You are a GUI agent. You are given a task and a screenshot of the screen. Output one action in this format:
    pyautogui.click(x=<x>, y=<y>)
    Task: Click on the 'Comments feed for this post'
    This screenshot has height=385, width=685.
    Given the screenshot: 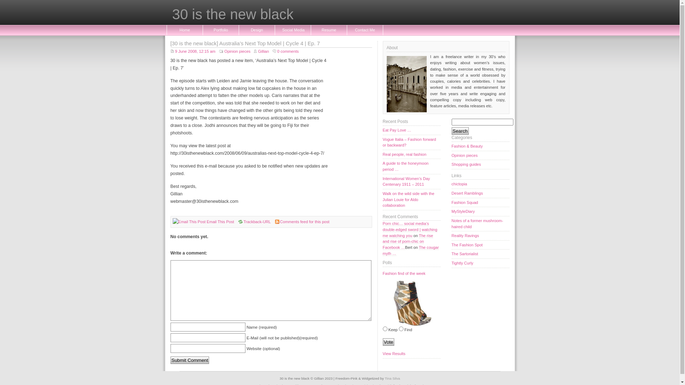 What is the action you would take?
    pyautogui.click(x=305, y=221)
    